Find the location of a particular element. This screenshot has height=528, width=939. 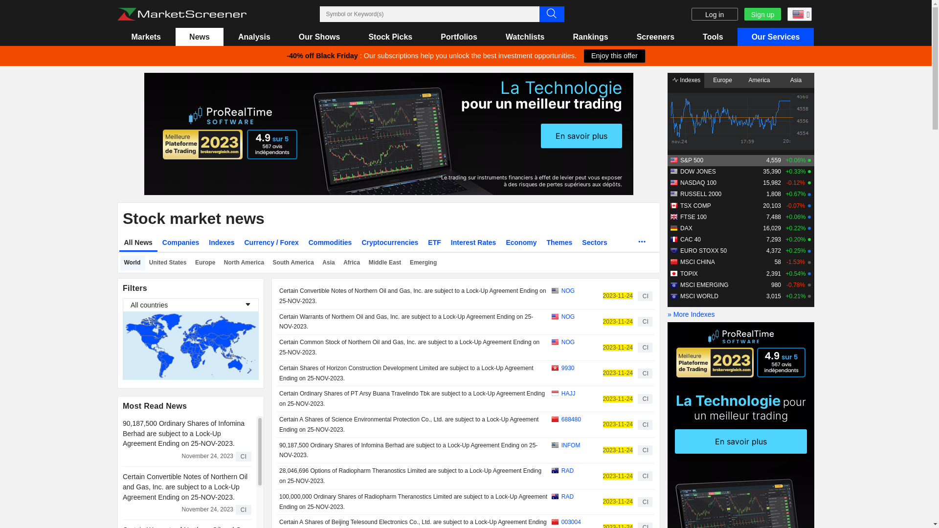

'Stock Picks' is located at coordinates (390, 36).